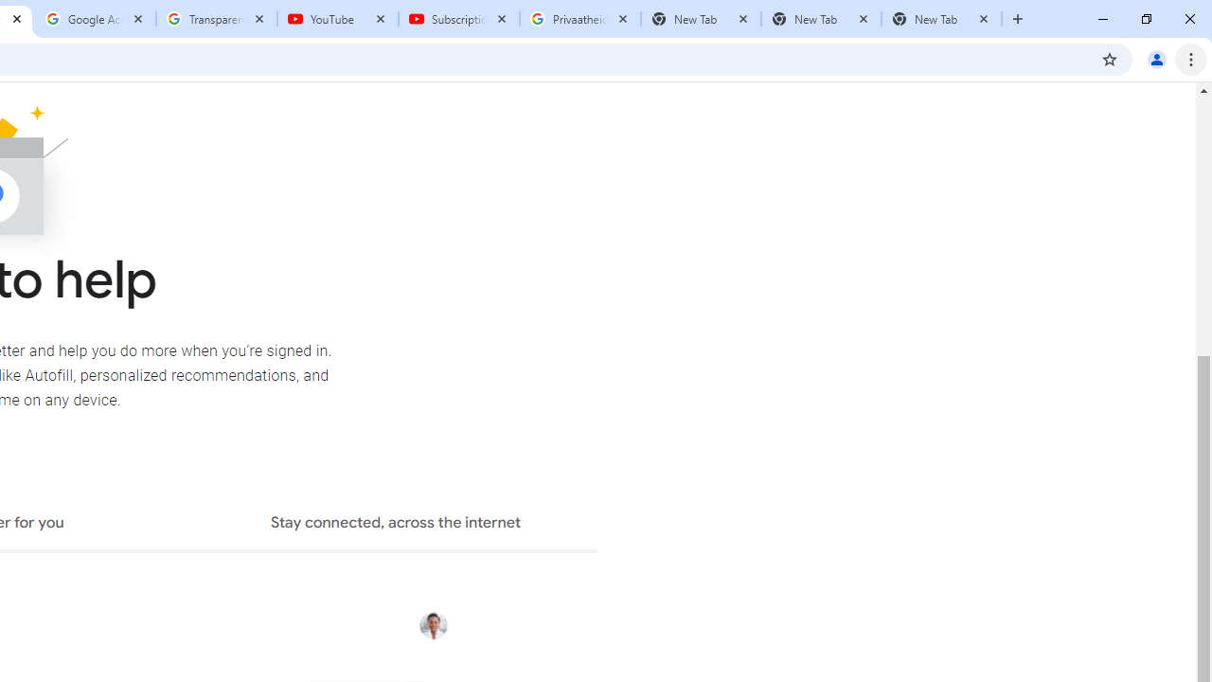  What do you see at coordinates (394, 525) in the screenshot?
I see `'Stay connected, across the internet'` at bounding box center [394, 525].